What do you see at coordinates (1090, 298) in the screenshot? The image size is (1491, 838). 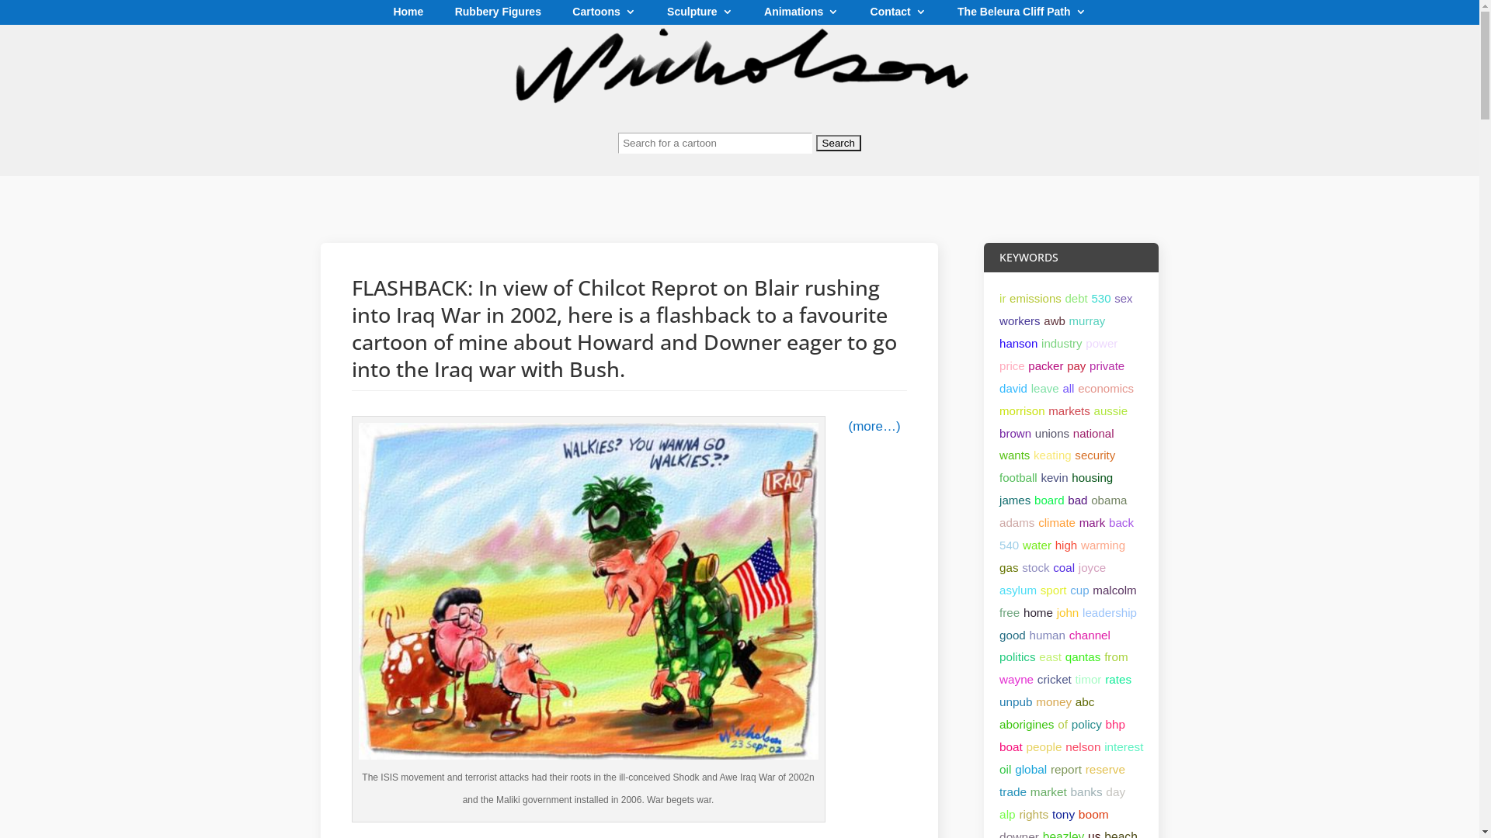 I see `'530'` at bounding box center [1090, 298].